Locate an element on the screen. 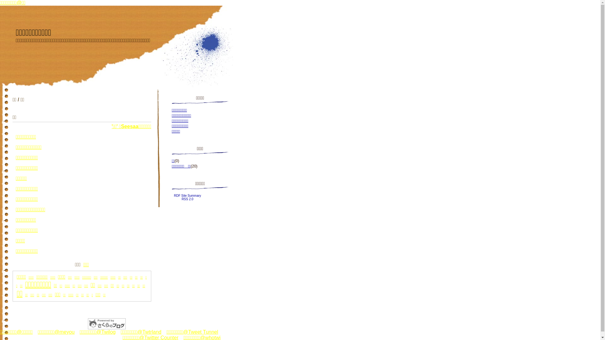  'RDF Site Summary' is located at coordinates (174, 195).